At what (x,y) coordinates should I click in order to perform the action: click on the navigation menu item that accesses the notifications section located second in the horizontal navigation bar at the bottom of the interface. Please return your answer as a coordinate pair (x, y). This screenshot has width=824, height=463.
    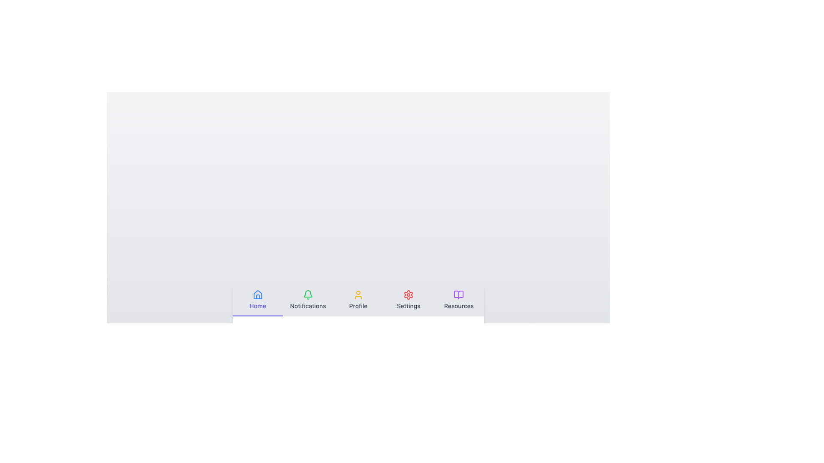
    Looking at the image, I should click on (308, 299).